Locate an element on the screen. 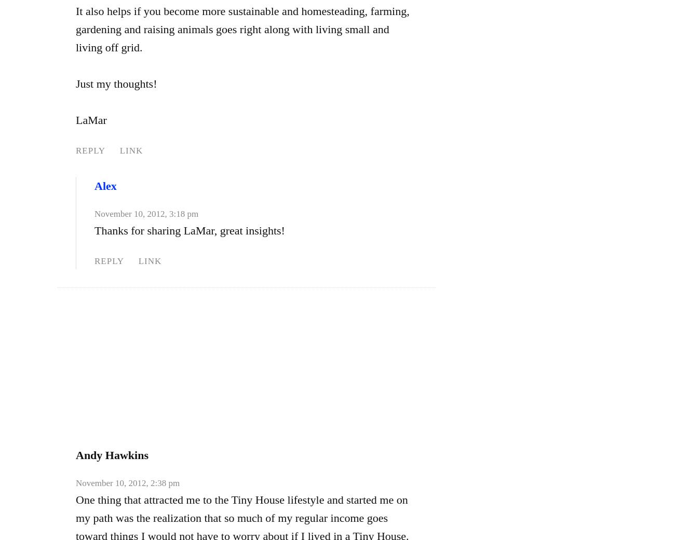  'November 10, 2012, 3:18 pm' is located at coordinates (146, 214).